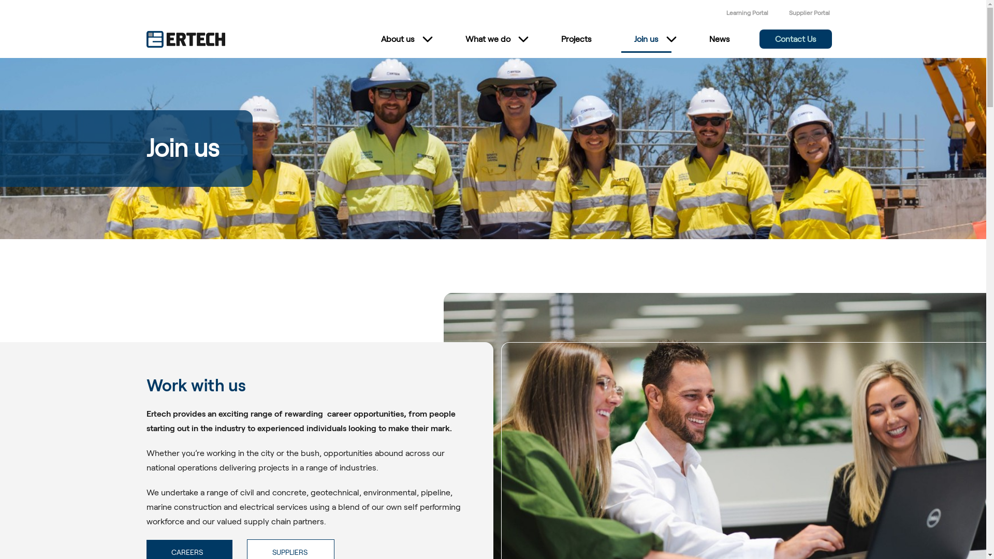  I want to click on 'Projects', so click(575, 39).